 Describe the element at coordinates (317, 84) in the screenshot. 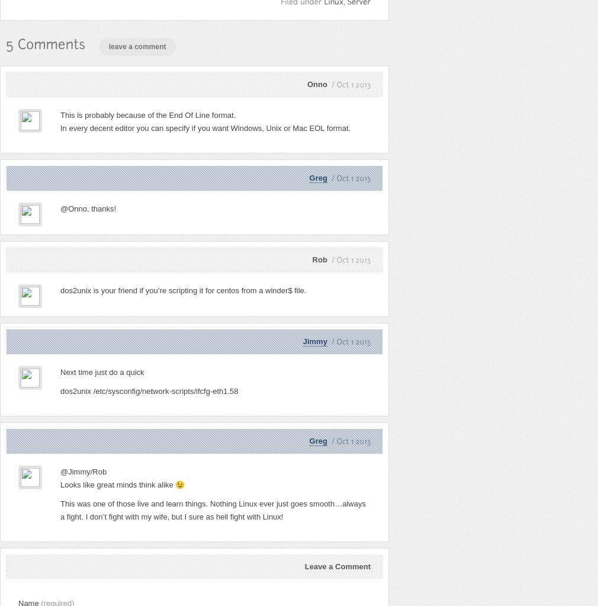

I see `'Onno'` at that location.